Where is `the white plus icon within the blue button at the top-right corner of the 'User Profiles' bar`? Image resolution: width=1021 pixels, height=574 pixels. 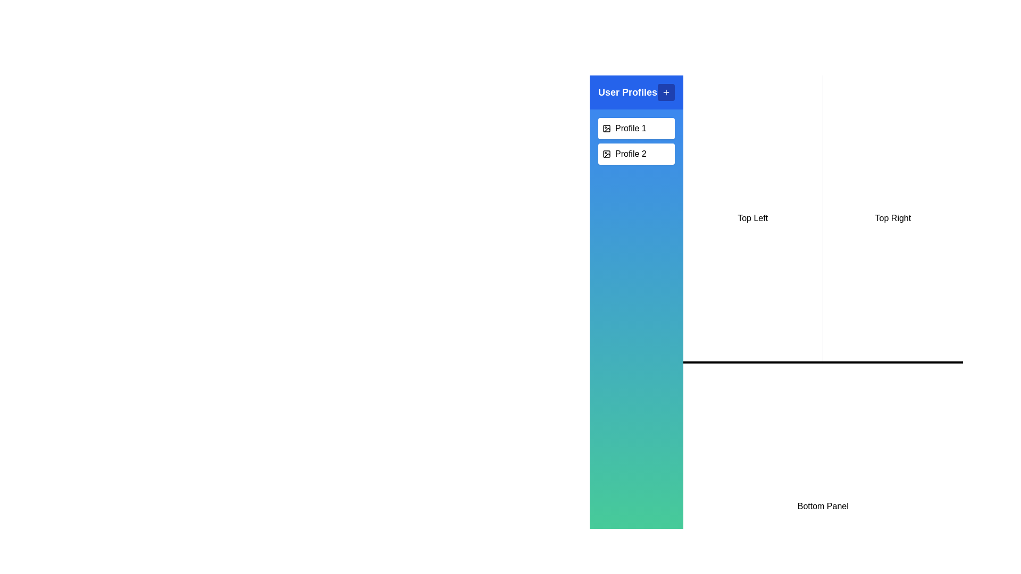 the white plus icon within the blue button at the top-right corner of the 'User Profiles' bar is located at coordinates (665, 91).